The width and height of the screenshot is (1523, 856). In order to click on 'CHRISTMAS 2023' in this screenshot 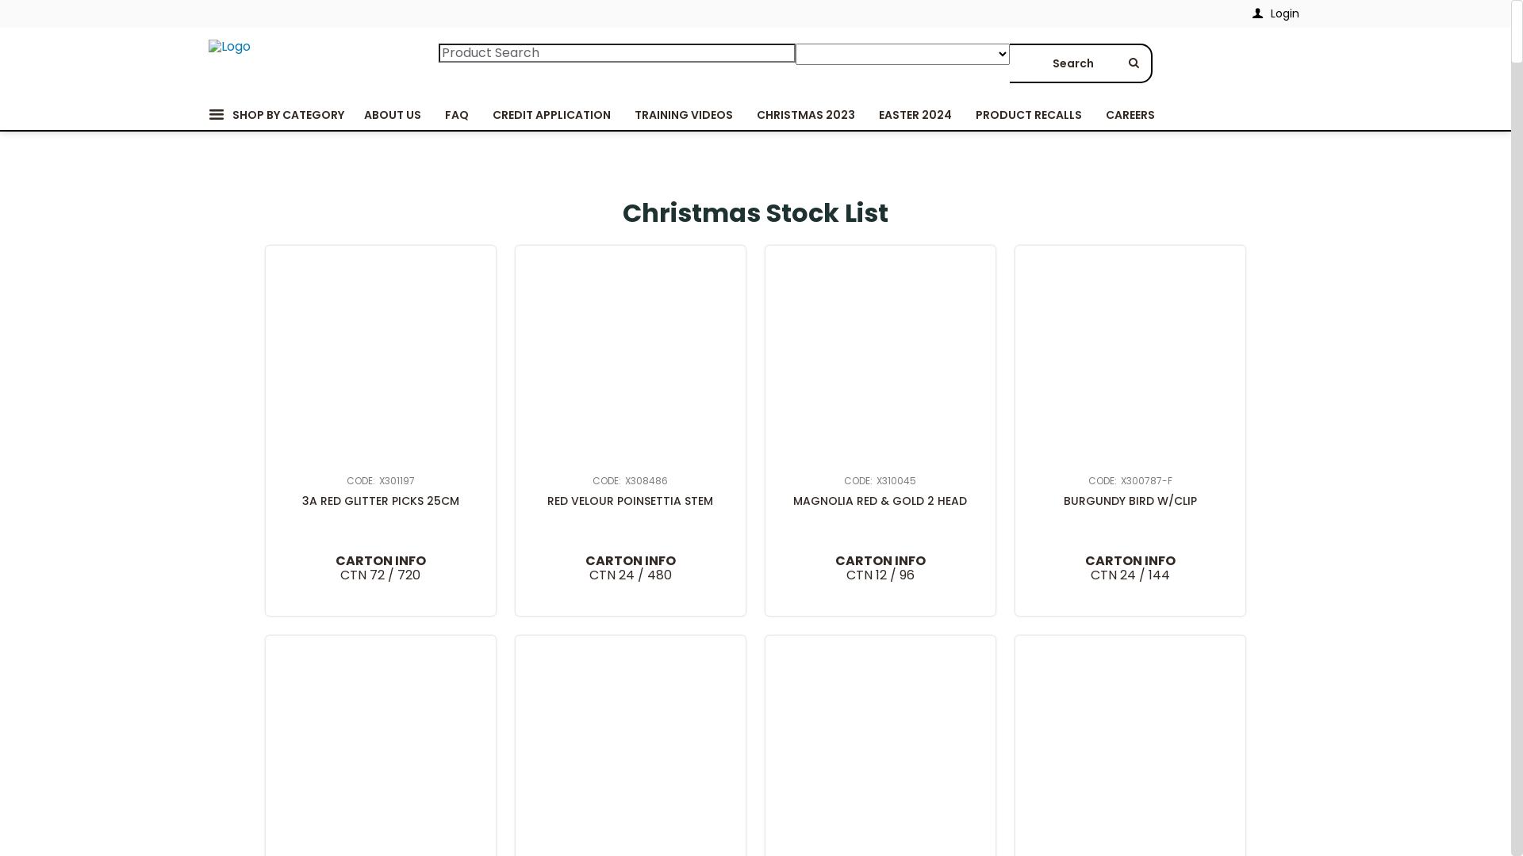, I will do `click(804, 114)`.